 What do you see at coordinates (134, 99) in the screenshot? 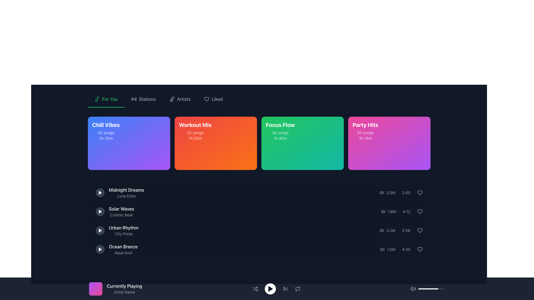
I see `the 'Stations' icon located on the navigation bar, which is positioned to the left of the 'Artists' label and to the right of the 'For You' label` at bounding box center [134, 99].